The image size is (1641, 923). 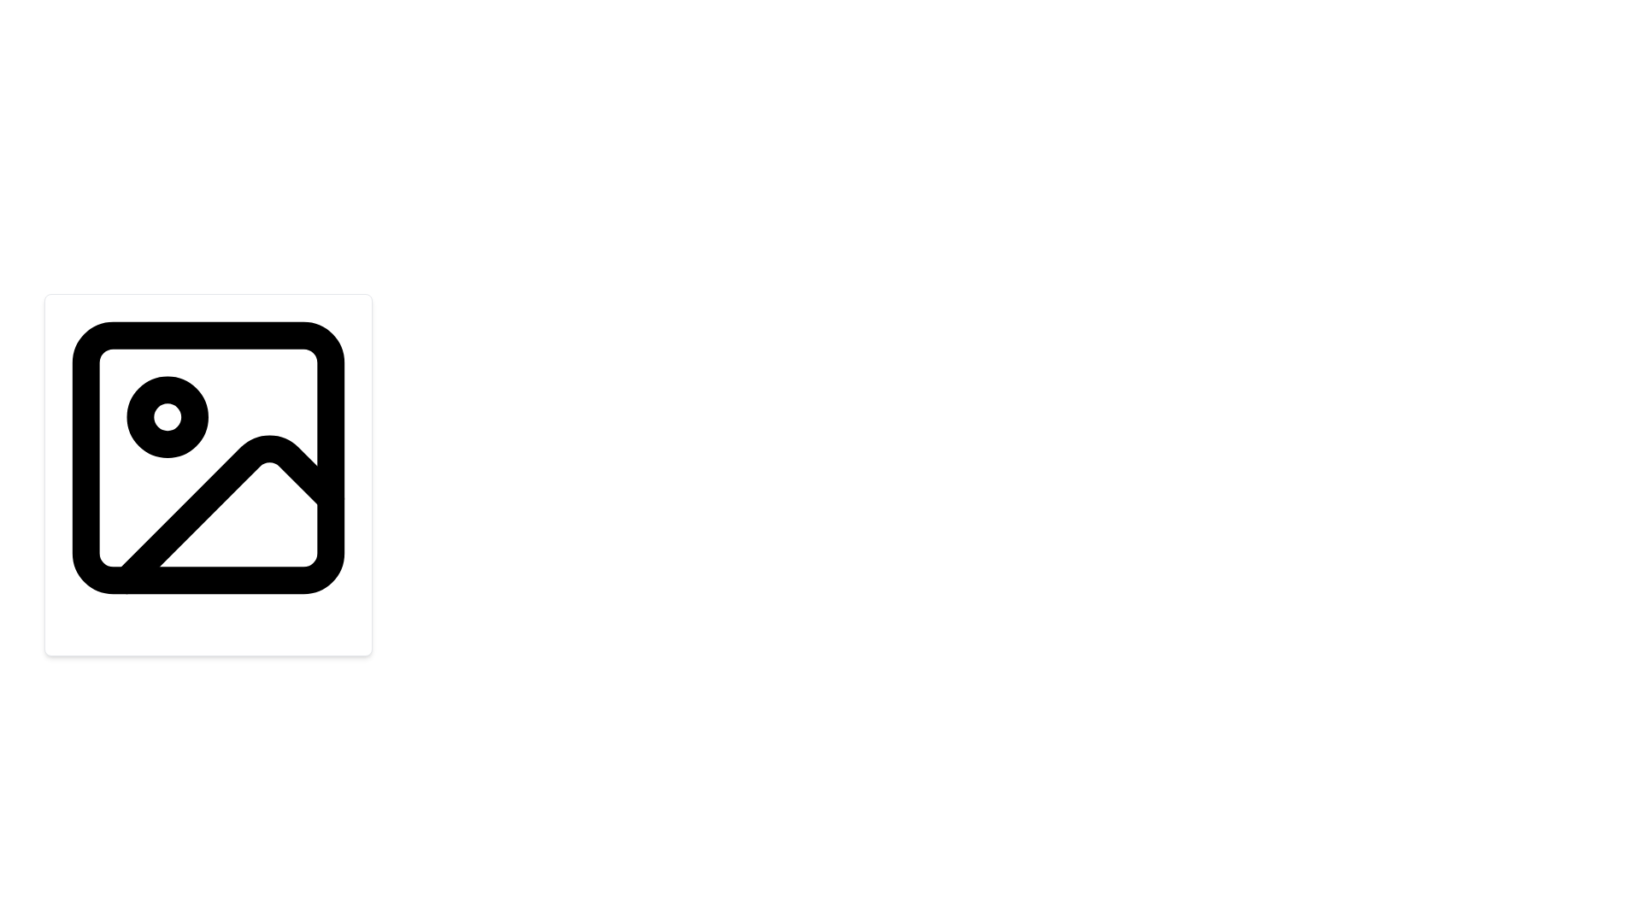 I want to click on the small outlined circle located near the top-left portion of the user icon, which is part of an SVG graphic, so click(x=208, y=450).